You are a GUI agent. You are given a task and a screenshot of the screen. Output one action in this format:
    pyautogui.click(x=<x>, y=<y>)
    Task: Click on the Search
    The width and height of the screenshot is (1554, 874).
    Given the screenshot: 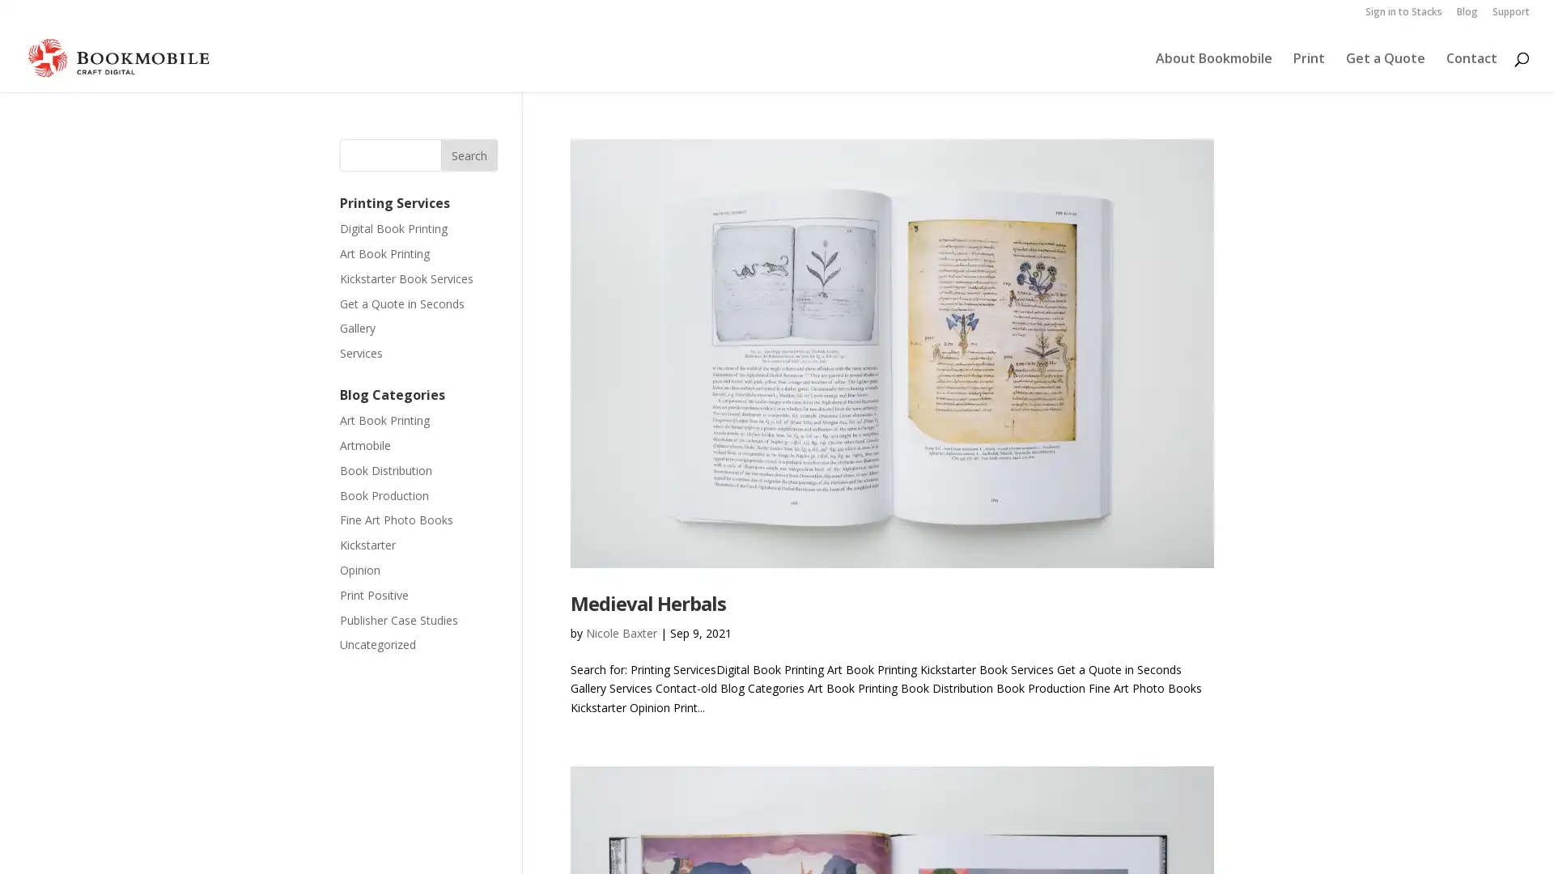 What is the action you would take?
    pyautogui.click(x=469, y=155)
    